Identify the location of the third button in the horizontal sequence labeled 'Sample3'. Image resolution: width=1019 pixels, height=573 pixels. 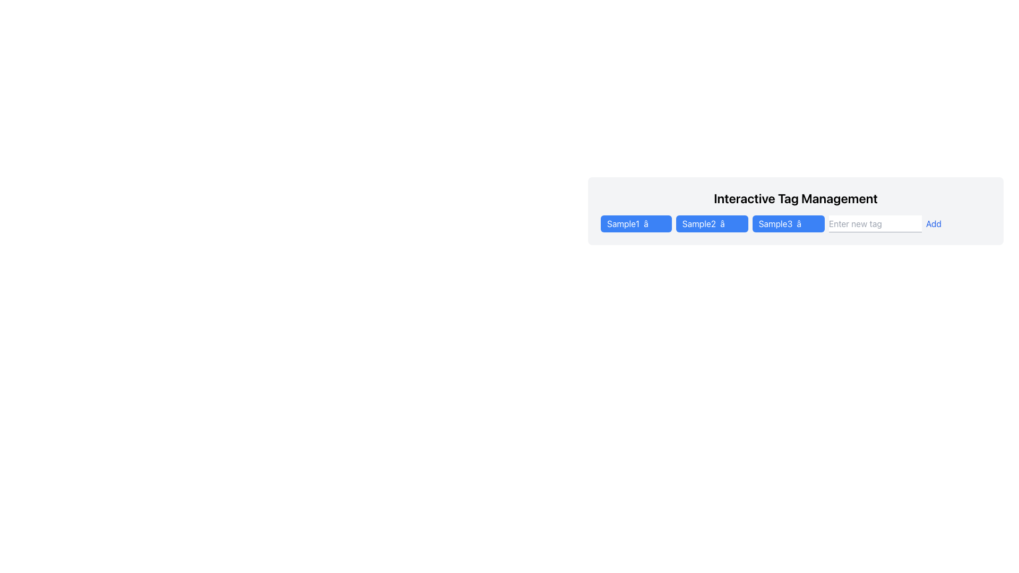
(775, 223).